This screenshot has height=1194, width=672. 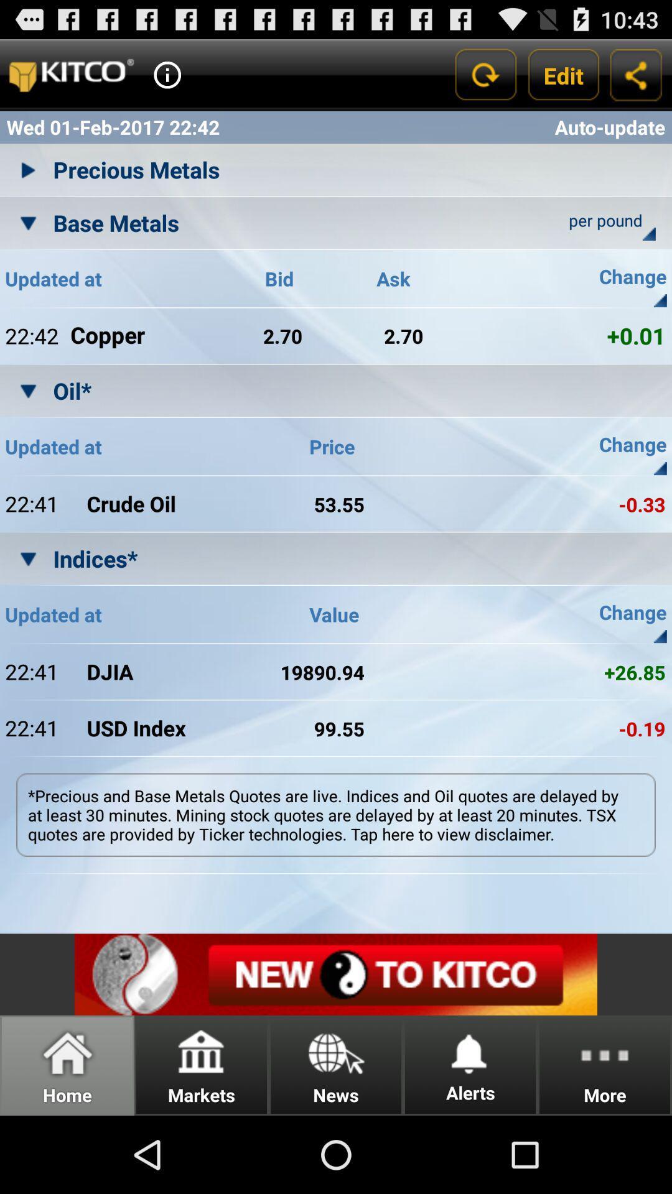 What do you see at coordinates (167, 80) in the screenshot?
I see `the info icon` at bounding box center [167, 80].